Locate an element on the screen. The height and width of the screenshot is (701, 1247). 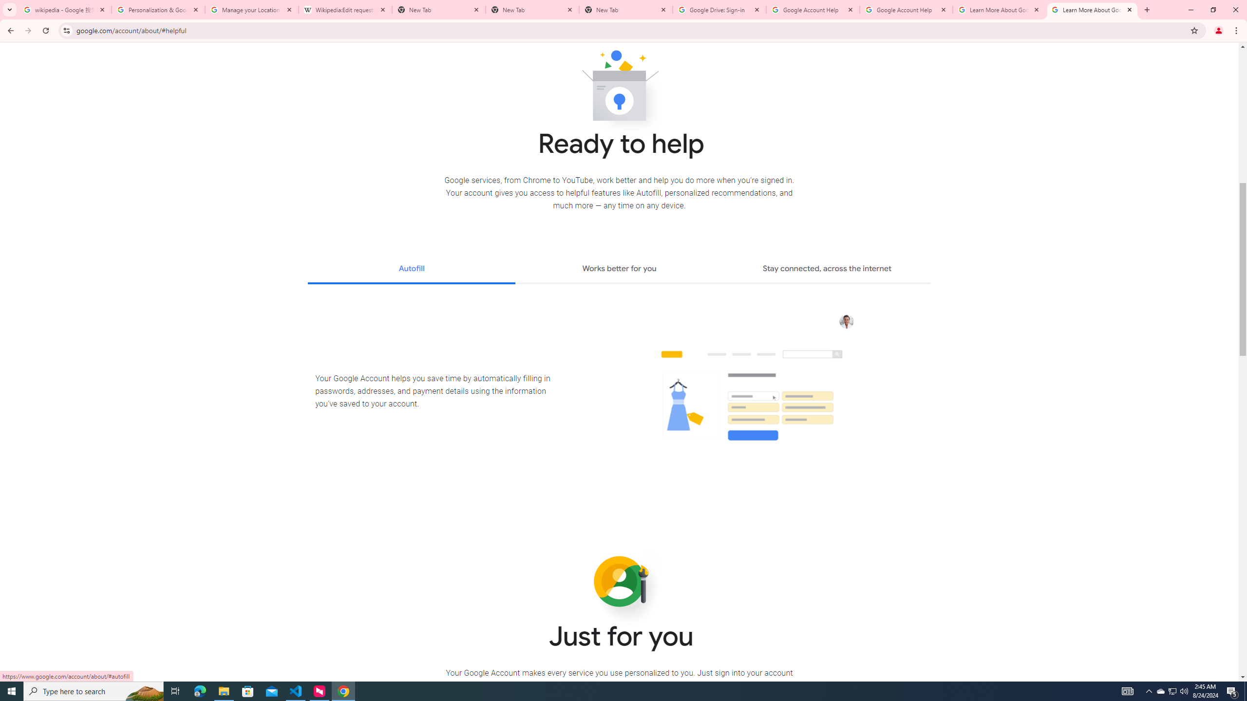
'Stay connected, across the internet' is located at coordinates (827, 270).